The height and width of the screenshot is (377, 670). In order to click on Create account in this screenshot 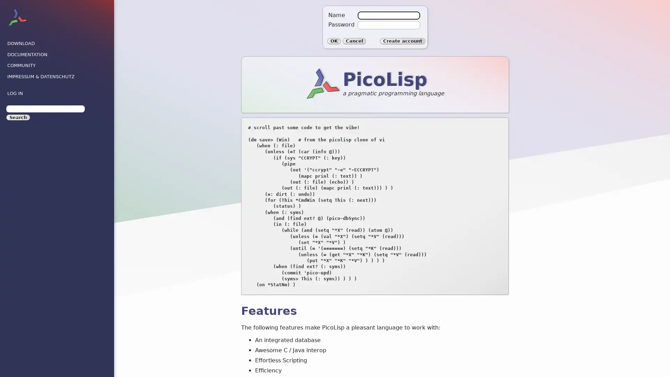, I will do `click(402, 41)`.